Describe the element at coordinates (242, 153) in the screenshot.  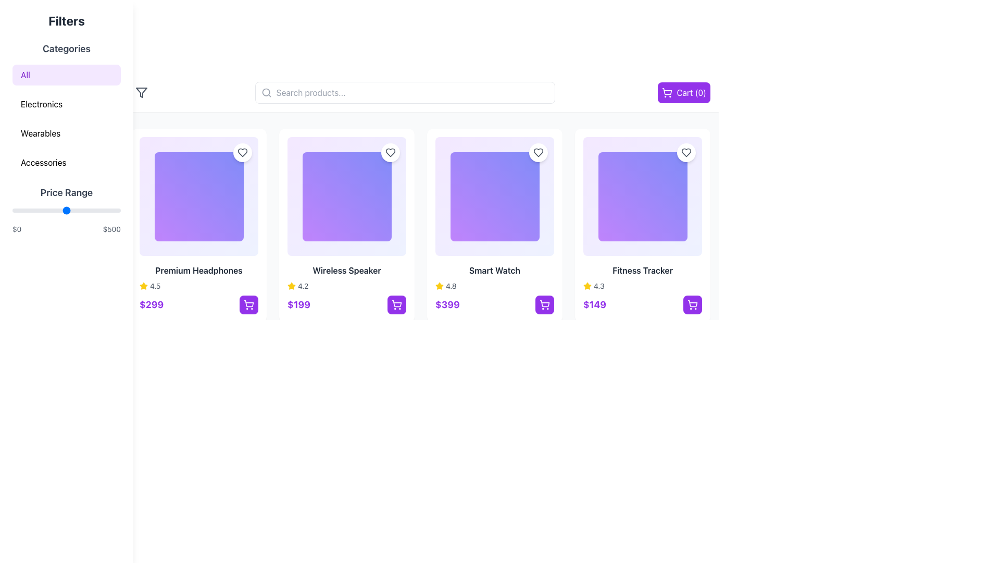
I see `the heart-shaped interactive icon located at the top right corner of the 'Premium Headphones' product card to mark the item as liked or favorited` at that location.